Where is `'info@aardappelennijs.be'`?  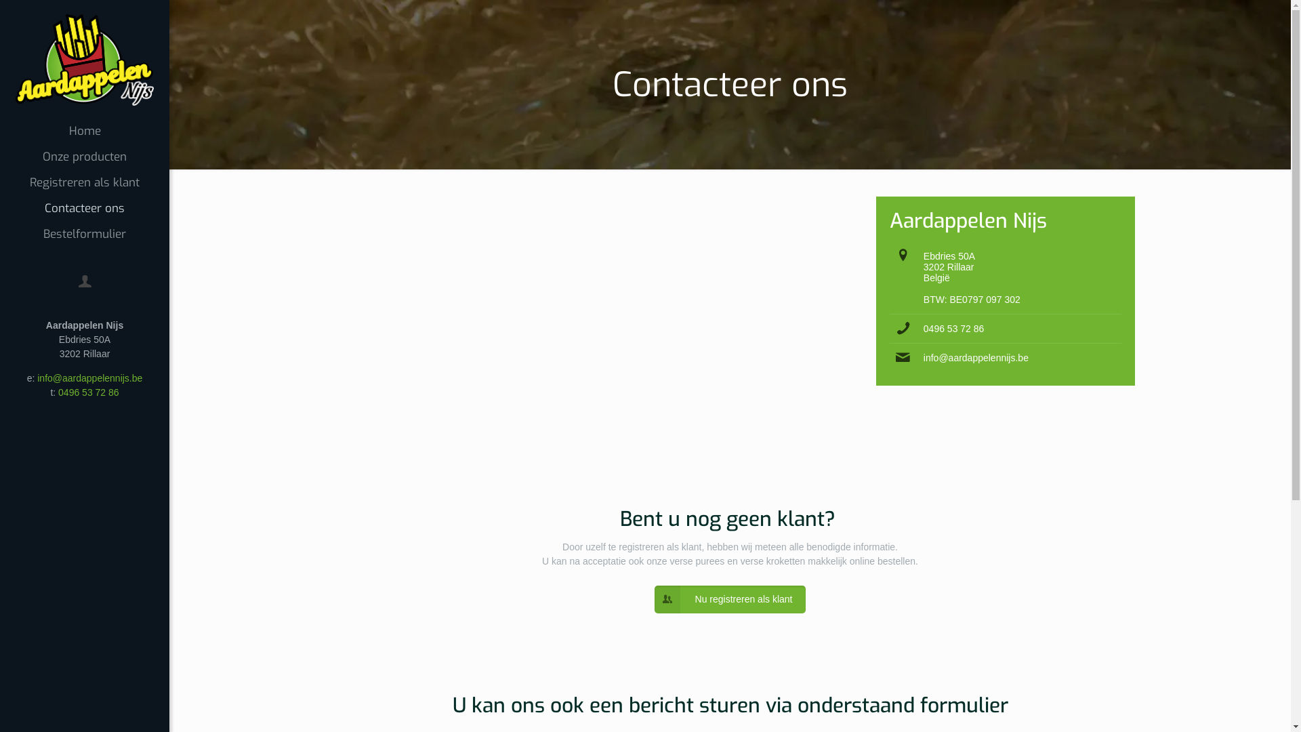
'info@aardappelennijs.be' is located at coordinates (89, 378).